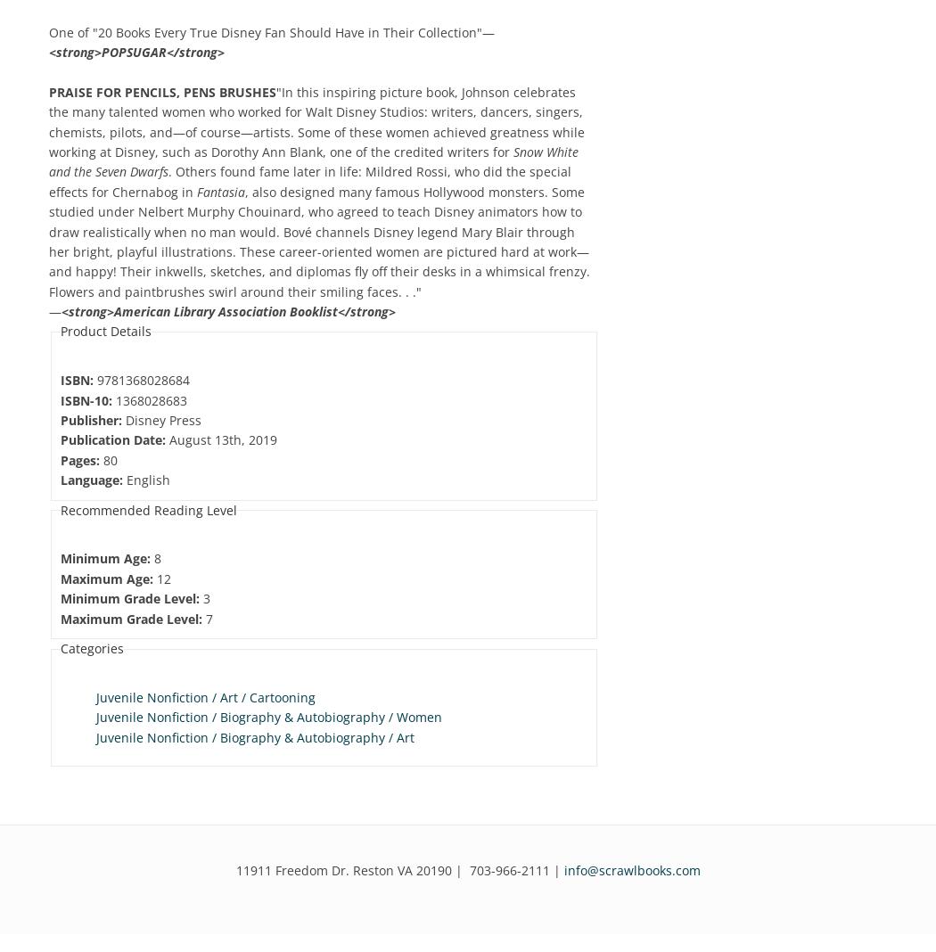 This screenshot has height=952, width=936. I want to click on 'ISBN:', so click(60, 380).